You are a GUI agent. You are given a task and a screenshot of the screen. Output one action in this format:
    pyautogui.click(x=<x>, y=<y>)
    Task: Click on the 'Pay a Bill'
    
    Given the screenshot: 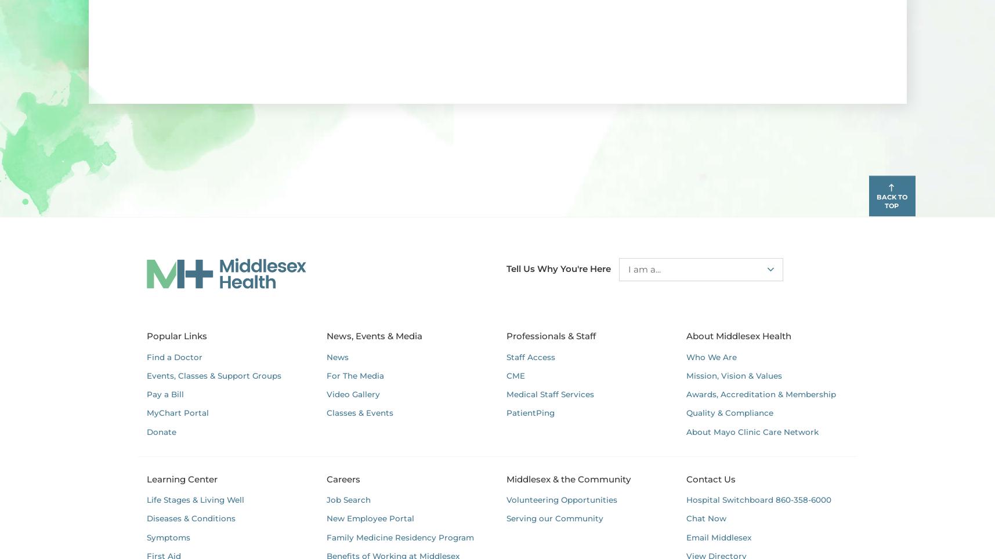 What is the action you would take?
    pyautogui.click(x=164, y=394)
    